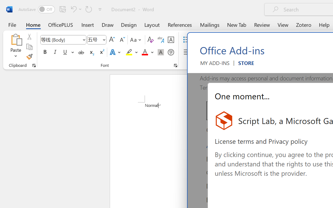 This screenshot has width=333, height=208. Describe the element at coordinates (75, 9) in the screenshot. I see `'Undo Apply Quick Style'` at that location.